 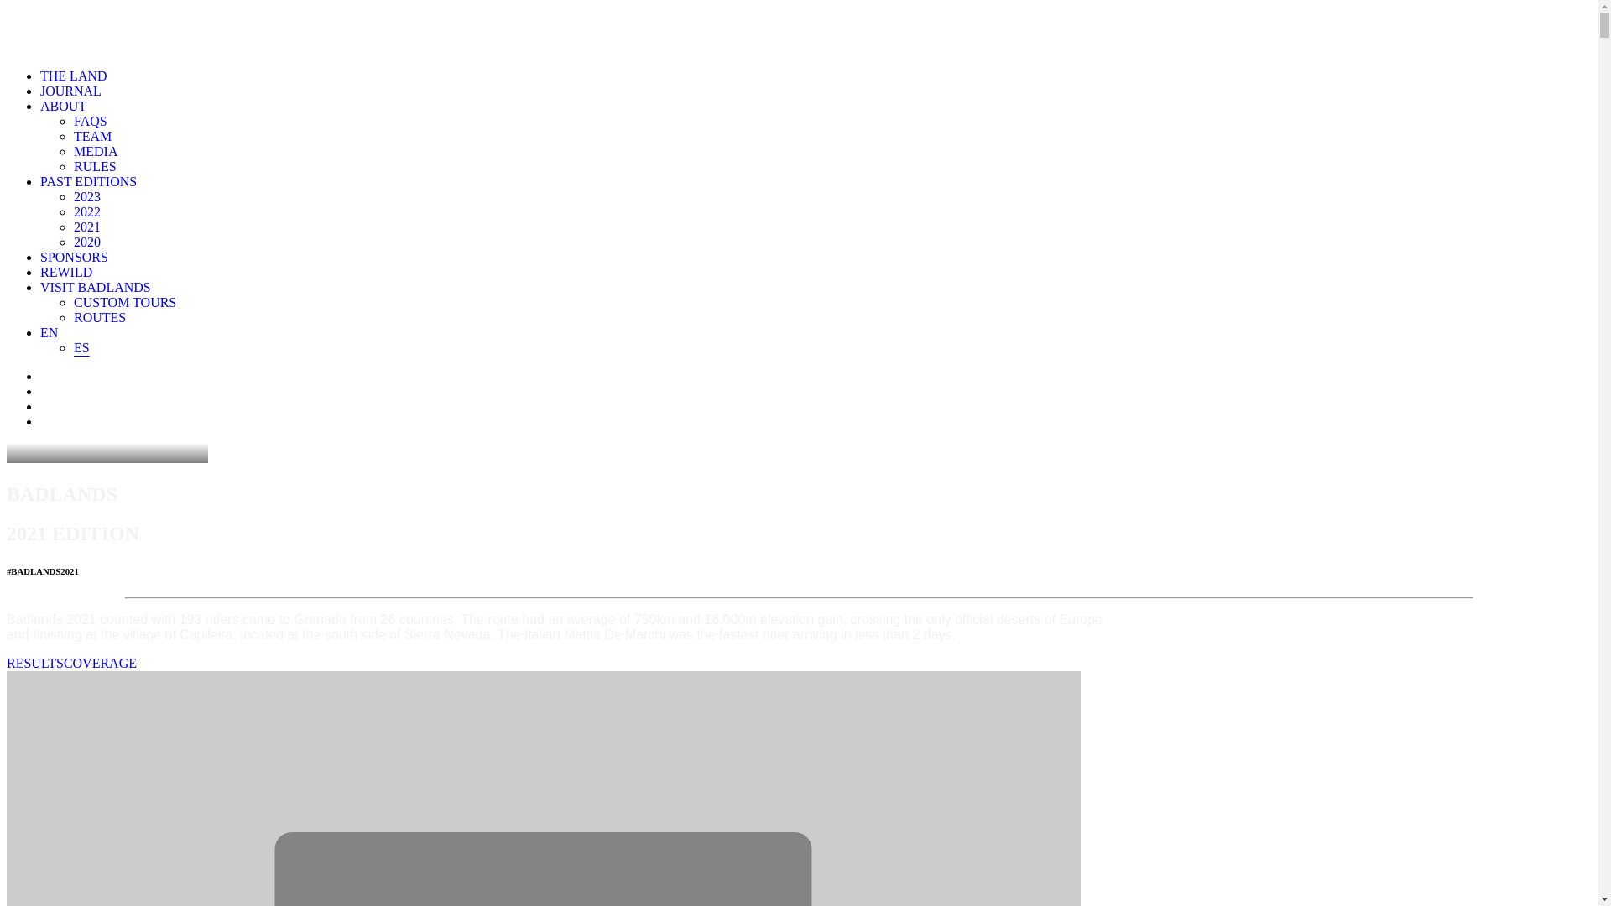 What do you see at coordinates (86, 195) in the screenshot?
I see `'2023'` at bounding box center [86, 195].